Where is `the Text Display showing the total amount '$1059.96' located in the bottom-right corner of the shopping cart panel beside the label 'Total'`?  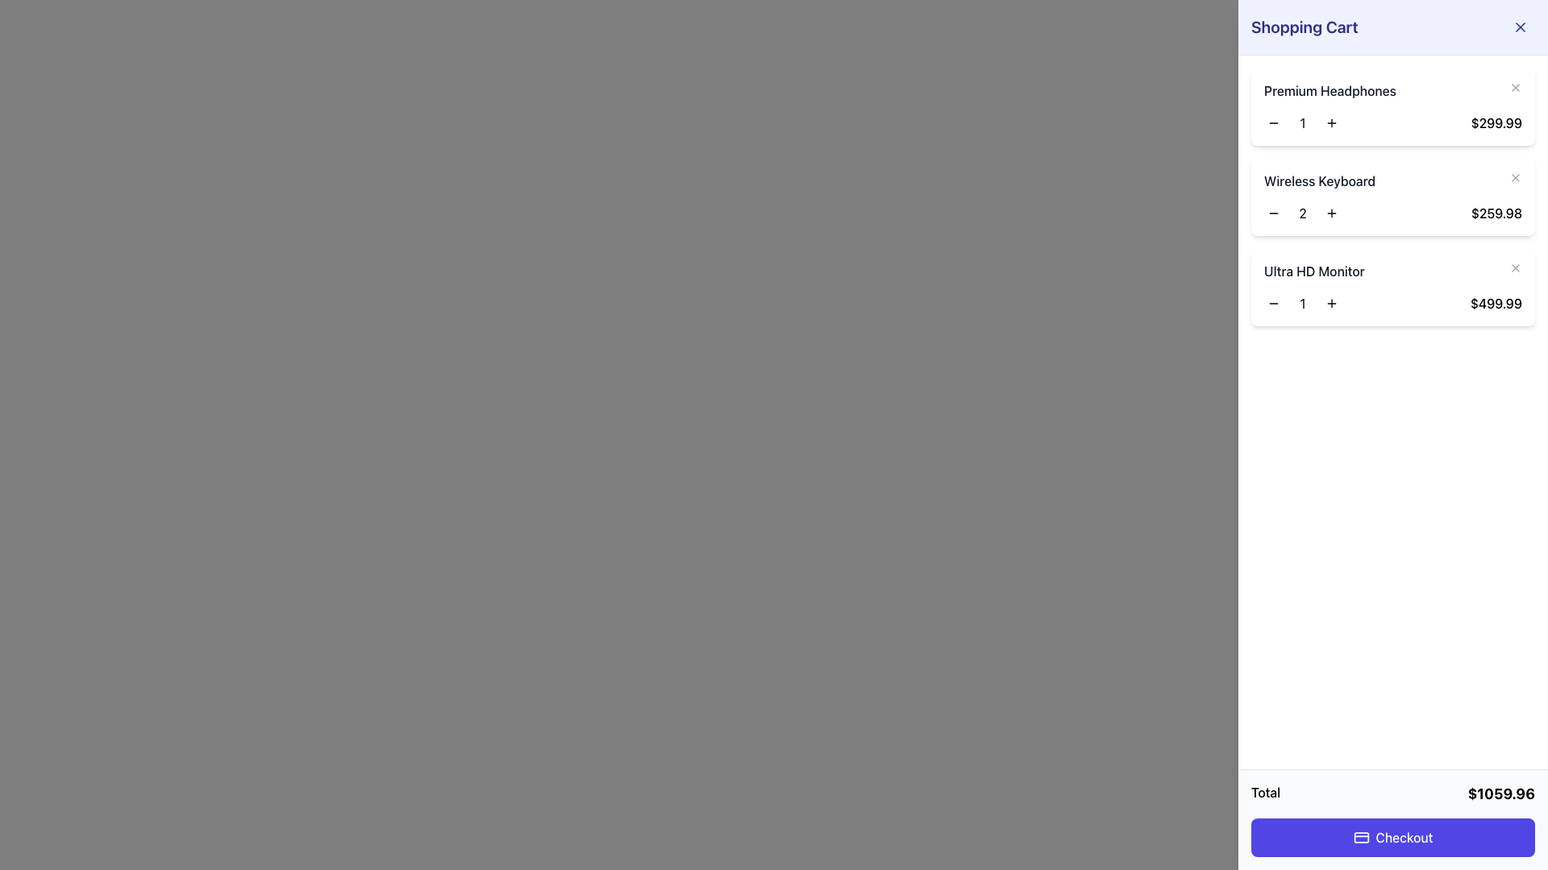 the Text Display showing the total amount '$1059.96' located in the bottom-right corner of the shopping cart panel beside the label 'Total' is located at coordinates (1500, 793).